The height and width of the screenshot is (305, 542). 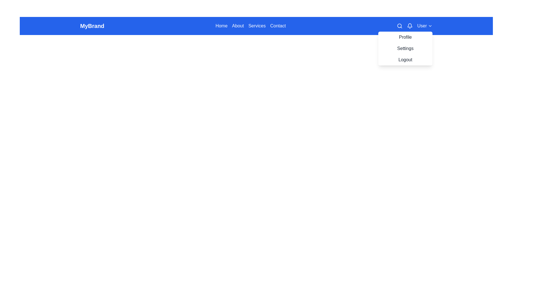 I want to click on the user settings button located in the top-right group of navigational elements, so click(x=415, y=26).